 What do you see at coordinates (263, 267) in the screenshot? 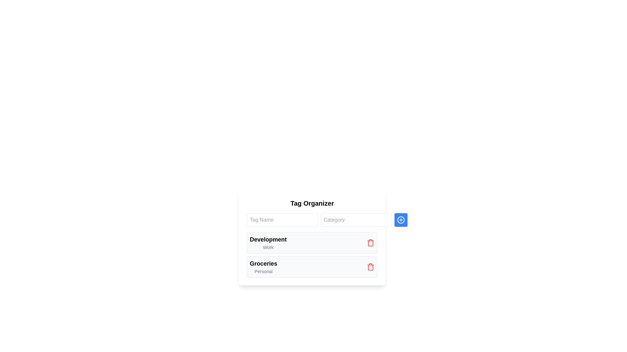
I see `the 'Groceries' text label with subtext 'Personal' located in the 'Tag Organizer' section, which is below the 'Development' item and to the left of the red delete icon` at bounding box center [263, 267].